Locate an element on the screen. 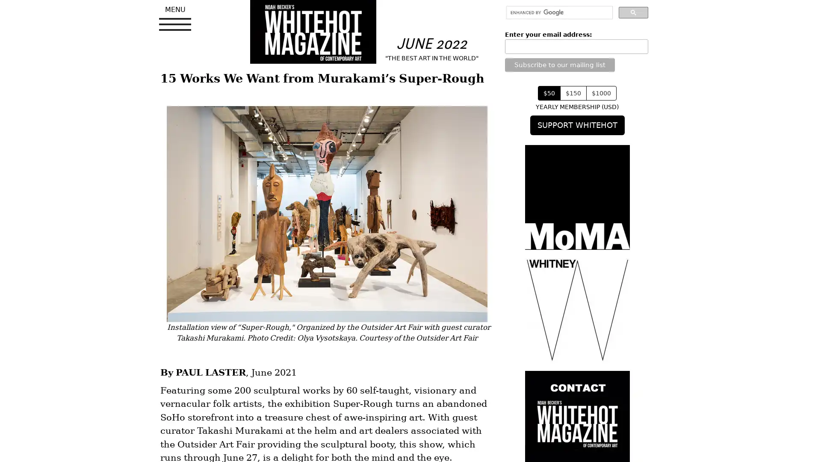 The height and width of the screenshot is (462, 821). SUPPORT WHITEHOT is located at coordinates (577, 125).